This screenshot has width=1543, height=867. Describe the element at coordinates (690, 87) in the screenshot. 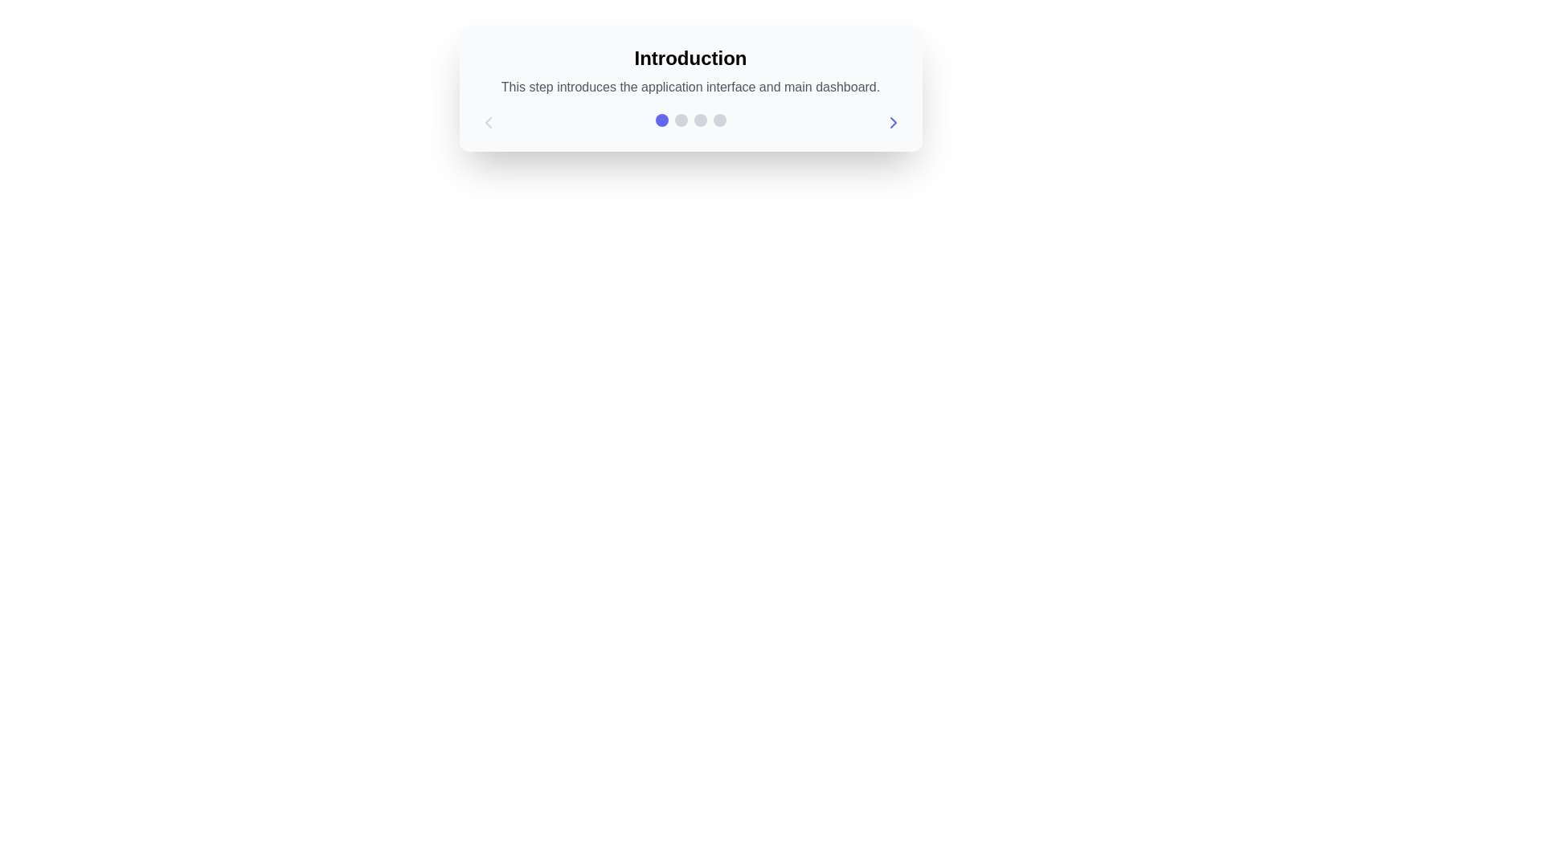

I see `static text element providing supplementary information below the 'Introduction' title` at that location.